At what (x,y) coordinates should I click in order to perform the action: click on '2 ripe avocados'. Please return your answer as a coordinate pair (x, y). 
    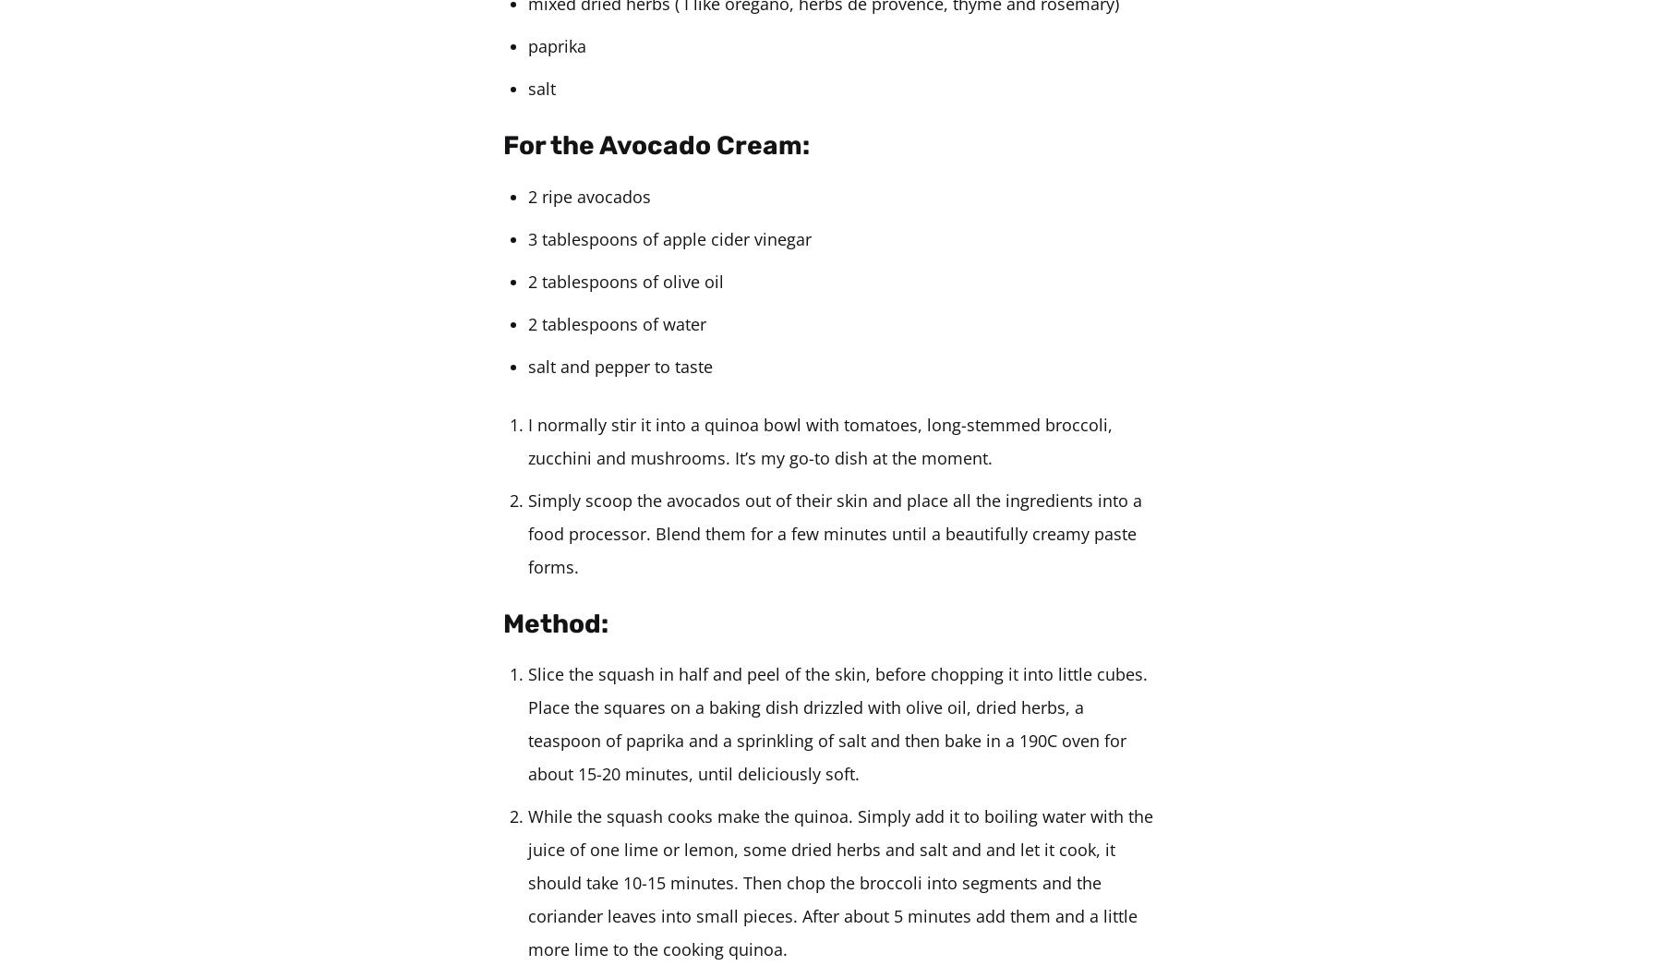
    Looking at the image, I should click on (589, 196).